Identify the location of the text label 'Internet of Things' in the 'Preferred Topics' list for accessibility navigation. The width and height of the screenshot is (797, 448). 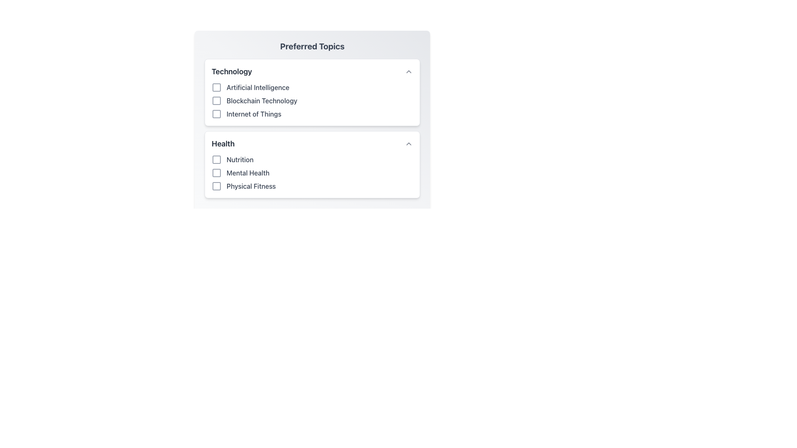
(312, 114).